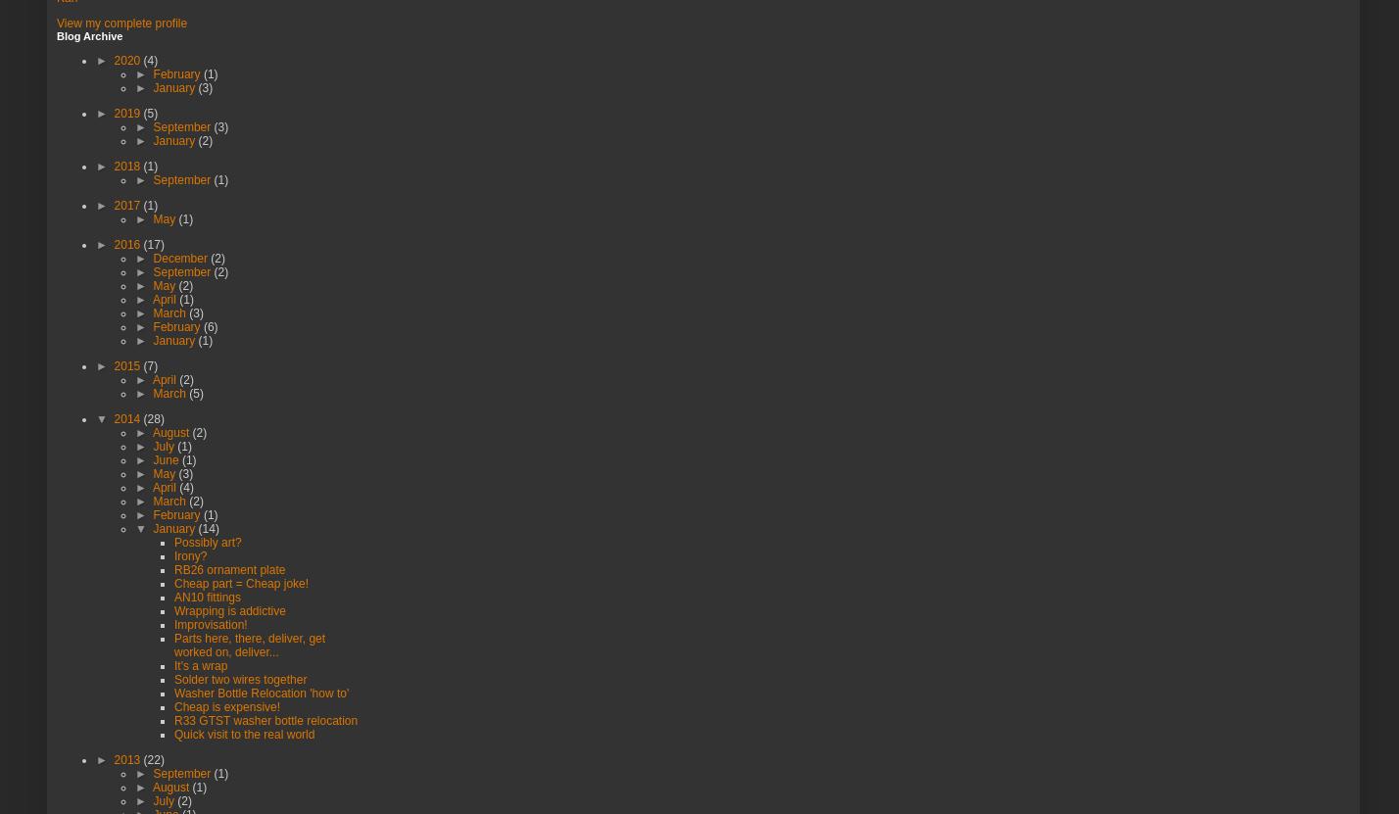 The image size is (1399, 814). Describe the element at coordinates (198, 526) in the screenshot. I see `'(14)'` at that location.